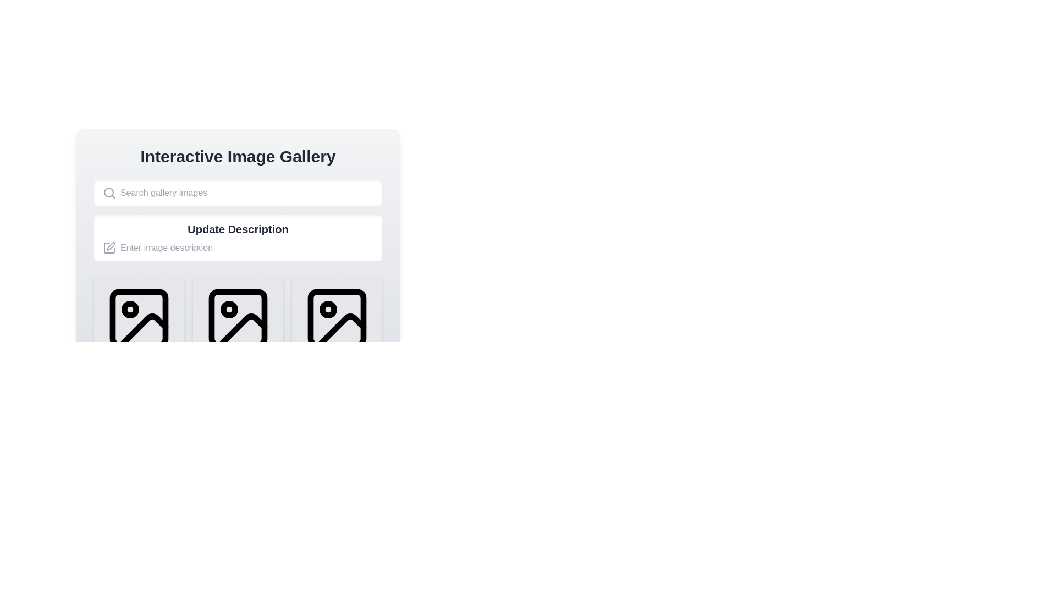 This screenshot has width=1056, height=594. What do you see at coordinates (139, 318) in the screenshot?
I see `the decorative icon (SVG) representing an image in the 'Image 1' card located at the top-left corner of the grid` at bounding box center [139, 318].